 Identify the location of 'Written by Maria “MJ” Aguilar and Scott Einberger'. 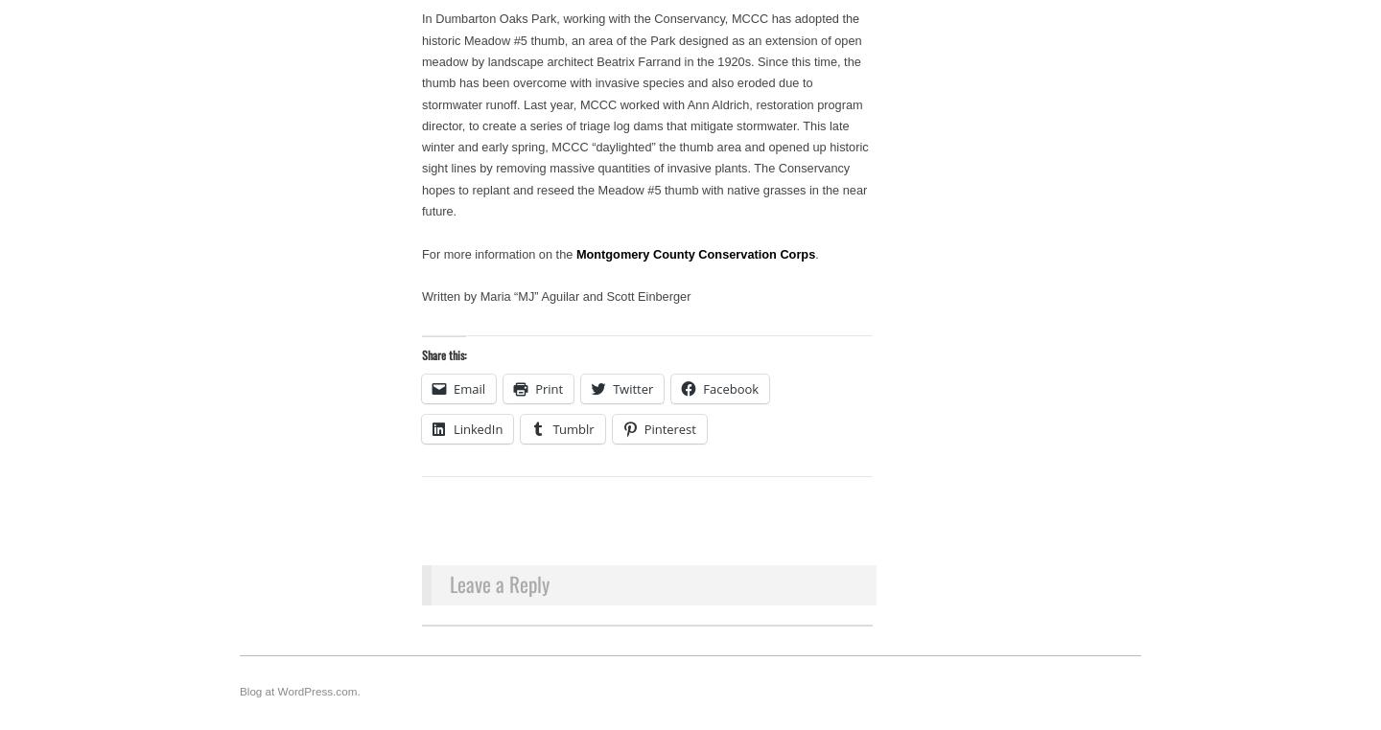
(556, 295).